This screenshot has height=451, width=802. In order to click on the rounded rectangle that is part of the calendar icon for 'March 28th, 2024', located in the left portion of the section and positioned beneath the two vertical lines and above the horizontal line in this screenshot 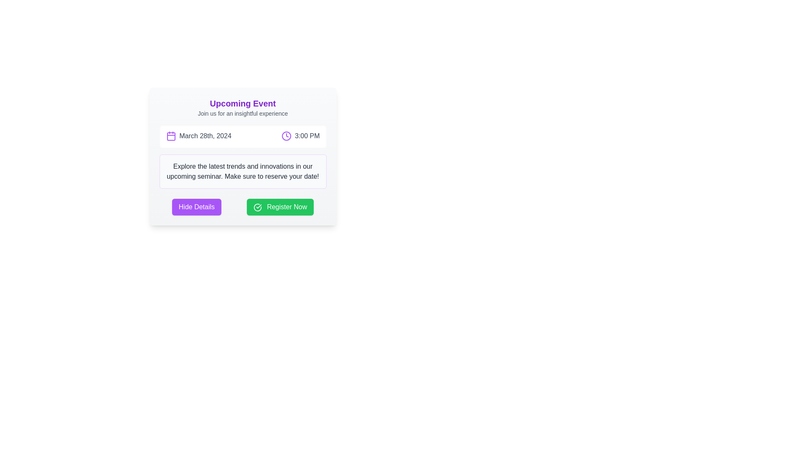, I will do `click(170, 136)`.